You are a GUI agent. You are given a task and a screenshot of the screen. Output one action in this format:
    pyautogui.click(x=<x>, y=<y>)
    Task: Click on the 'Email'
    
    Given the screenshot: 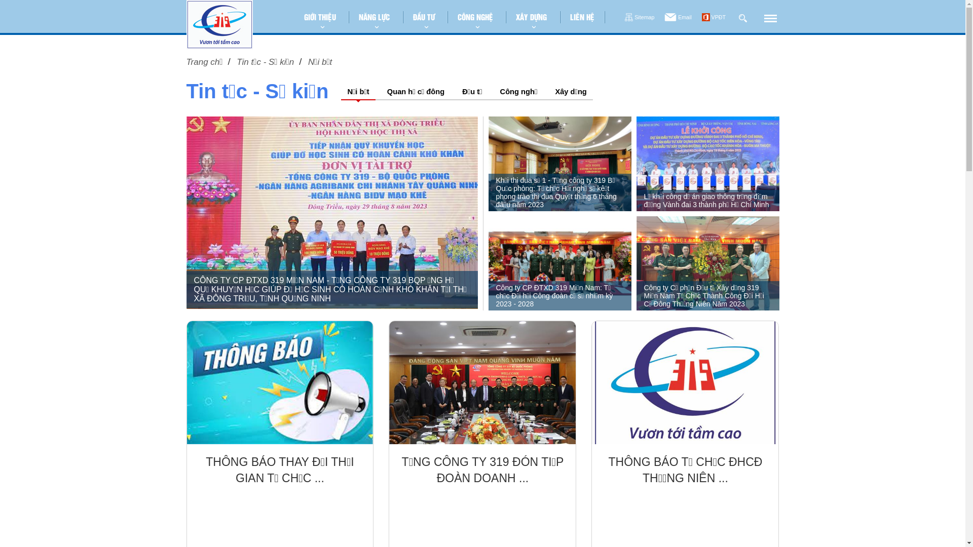 What is the action you would take?
    pyautogui.click(x=678, y=18)
    